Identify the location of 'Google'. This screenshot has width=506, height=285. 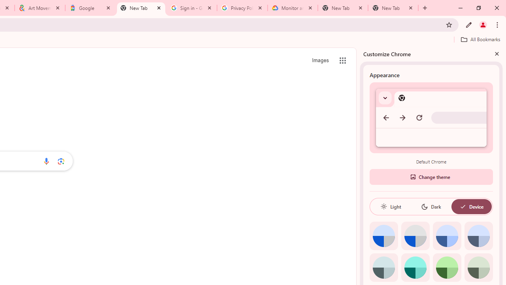
(91, 8).